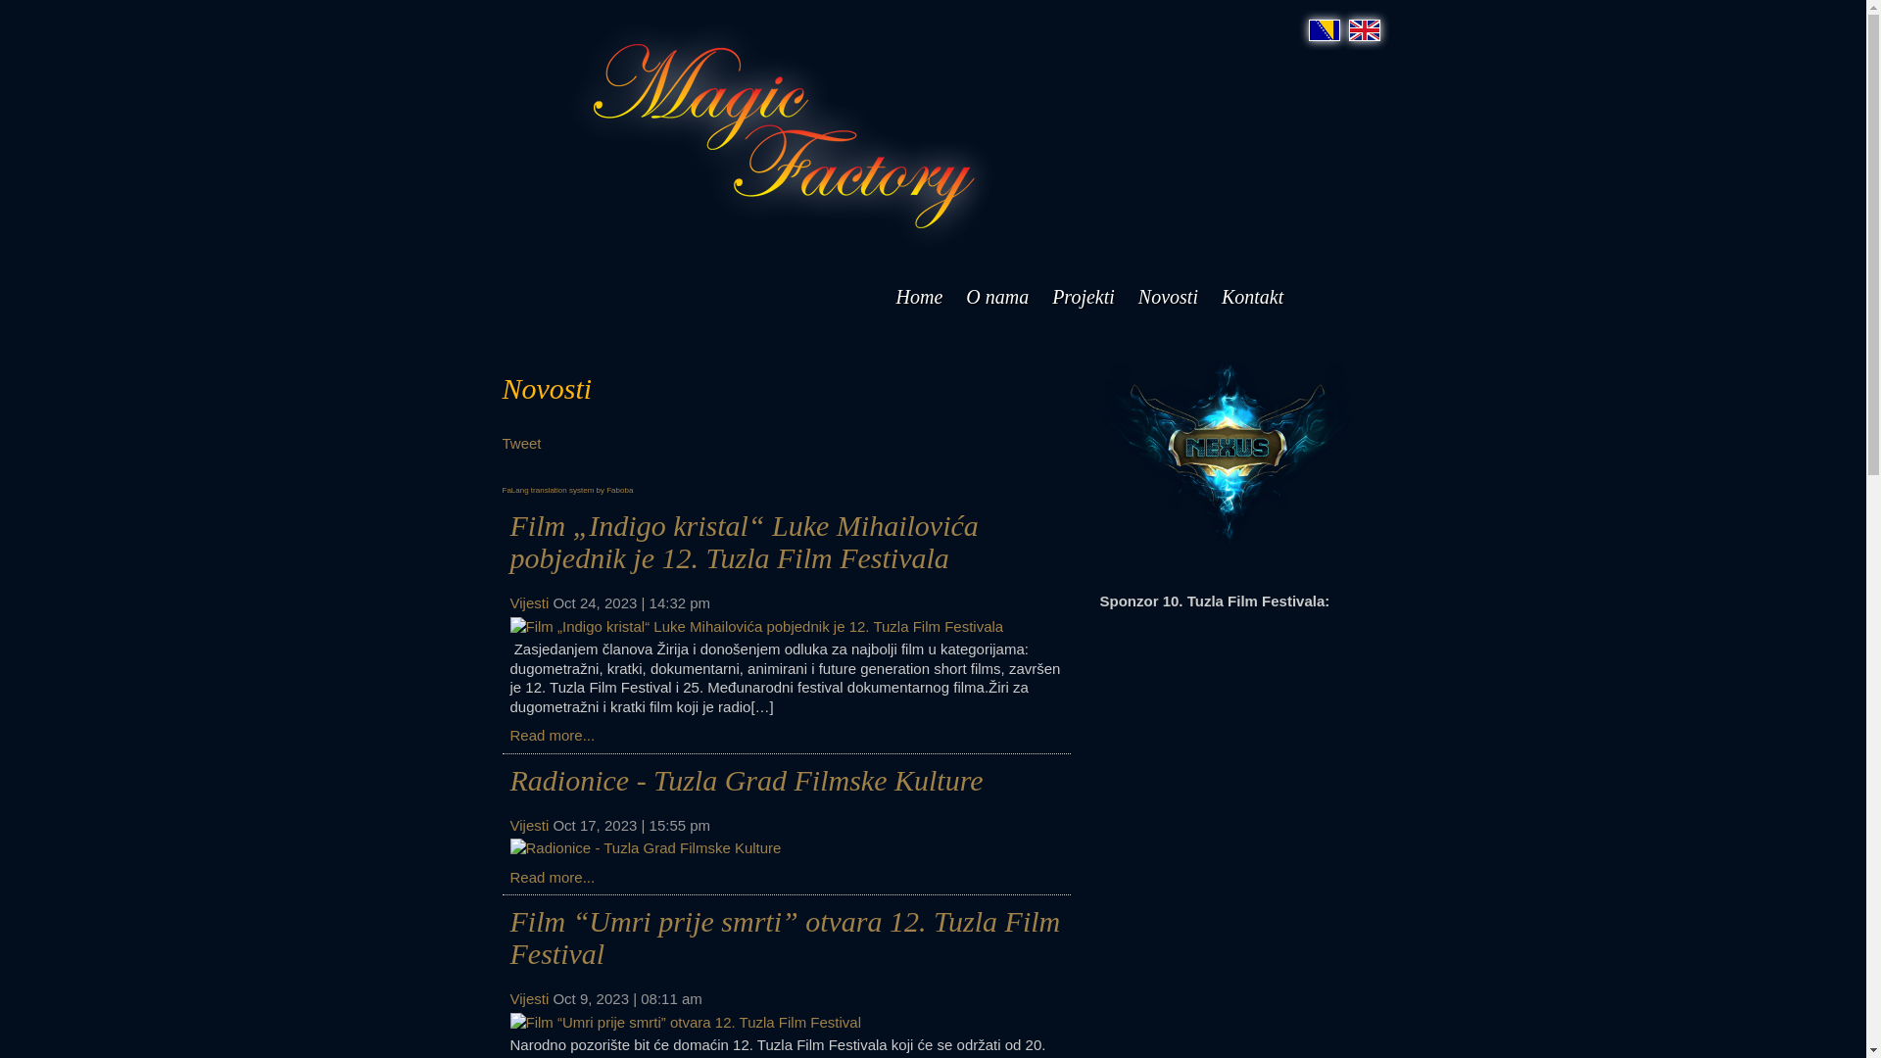 The width and height of the screenshot is (1881, 1058). Describe the element at coordinates (1082, 297) in the screenshot. I see `'Projekti'` at that location.